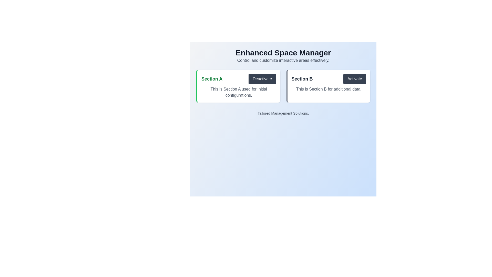 The height and width of the screenshot is (277, 492). Describe the element at coordinates (302, 79) in the screenshot. I see `the static text label displaying 'Section B'` at that location.